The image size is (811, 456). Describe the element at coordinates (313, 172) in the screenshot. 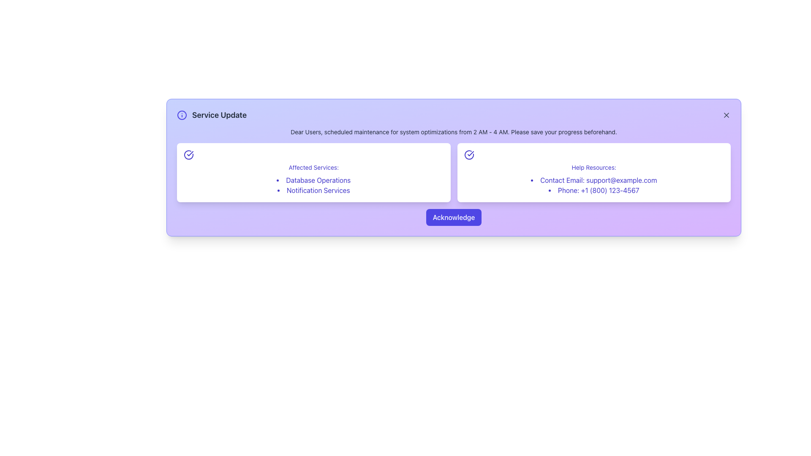

I see `information displayed in the Informational panel that contains the heading 'Affected Services:' and lists 'Database Operations' and 'Notification Services'` at that location.